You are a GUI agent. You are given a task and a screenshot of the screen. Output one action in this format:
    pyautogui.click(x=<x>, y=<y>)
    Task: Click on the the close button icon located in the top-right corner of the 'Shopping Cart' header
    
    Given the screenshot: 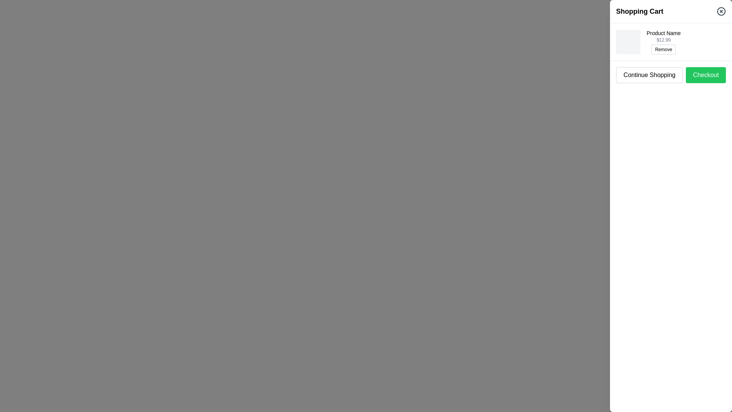 What is the action you would take?
    pyautogui.click(x=721, y=11)
    